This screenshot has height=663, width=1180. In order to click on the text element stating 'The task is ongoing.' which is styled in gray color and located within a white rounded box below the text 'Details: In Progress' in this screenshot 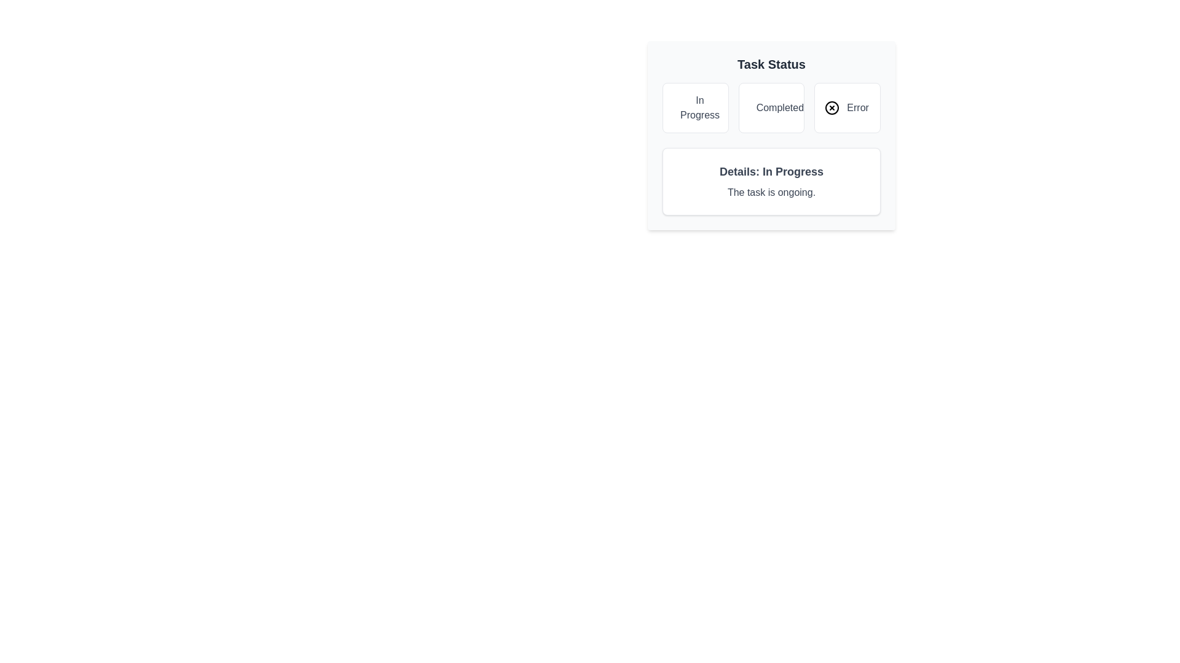, I will do `click(771, 192)`.